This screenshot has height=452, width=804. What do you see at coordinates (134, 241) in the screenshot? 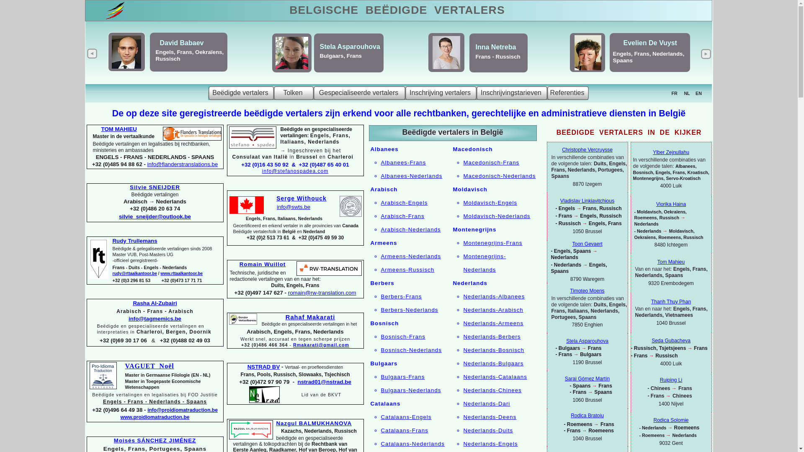
I see `'Rudy Trullemans'` at bounding box center [134, 241].